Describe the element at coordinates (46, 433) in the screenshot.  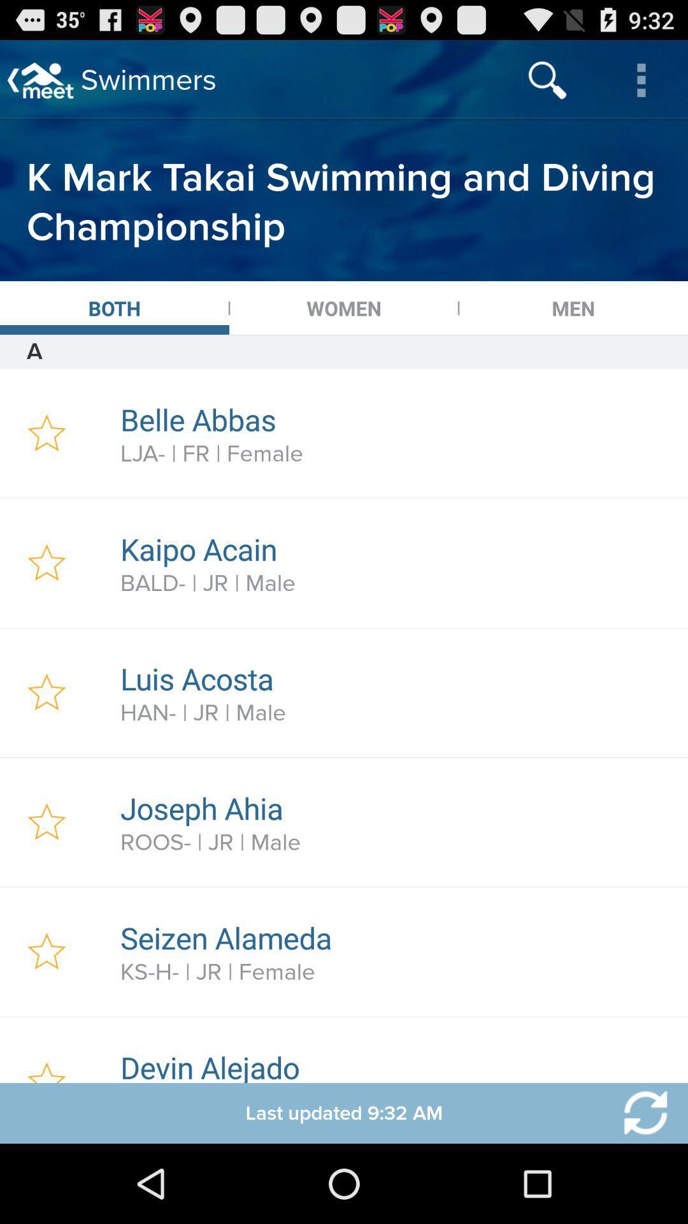
I see `favorite/follow a swimmer` at that location.